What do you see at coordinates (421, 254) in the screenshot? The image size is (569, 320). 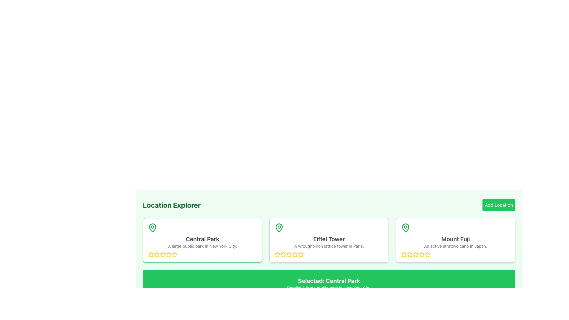 I see `the sixth star icon in the star-rating system for the location 'Mount Fuji'` at bounding box center [421, 254].